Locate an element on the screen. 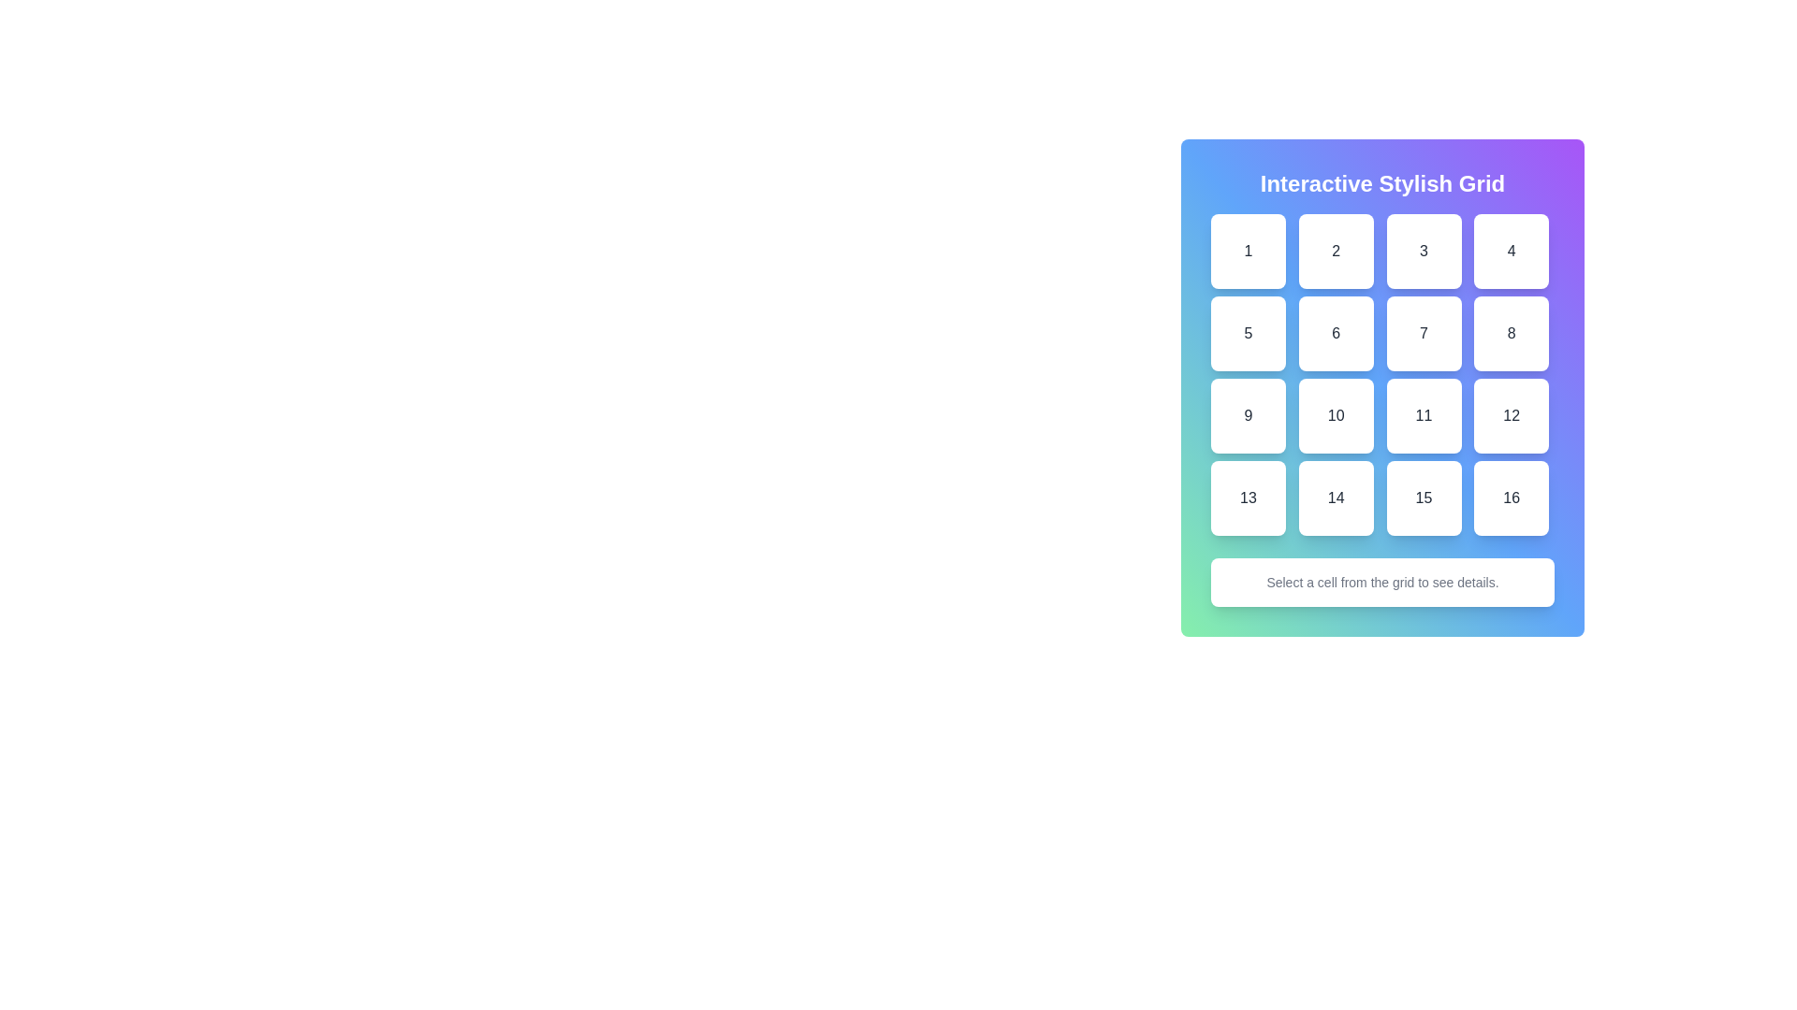  the square button with the text '13' in dark gray font, located in the bottom-left corner of a 4x4 grid structure is located at coordinates (1249, 497).